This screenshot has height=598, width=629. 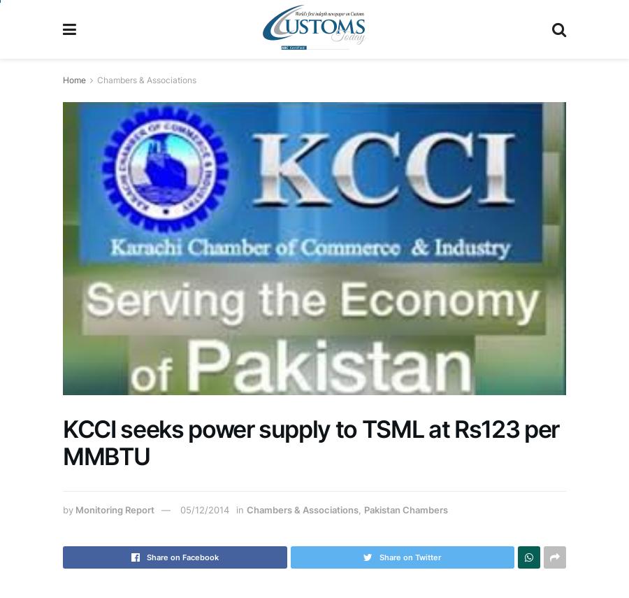 I want to click on ',', so click(x=360, y=509).